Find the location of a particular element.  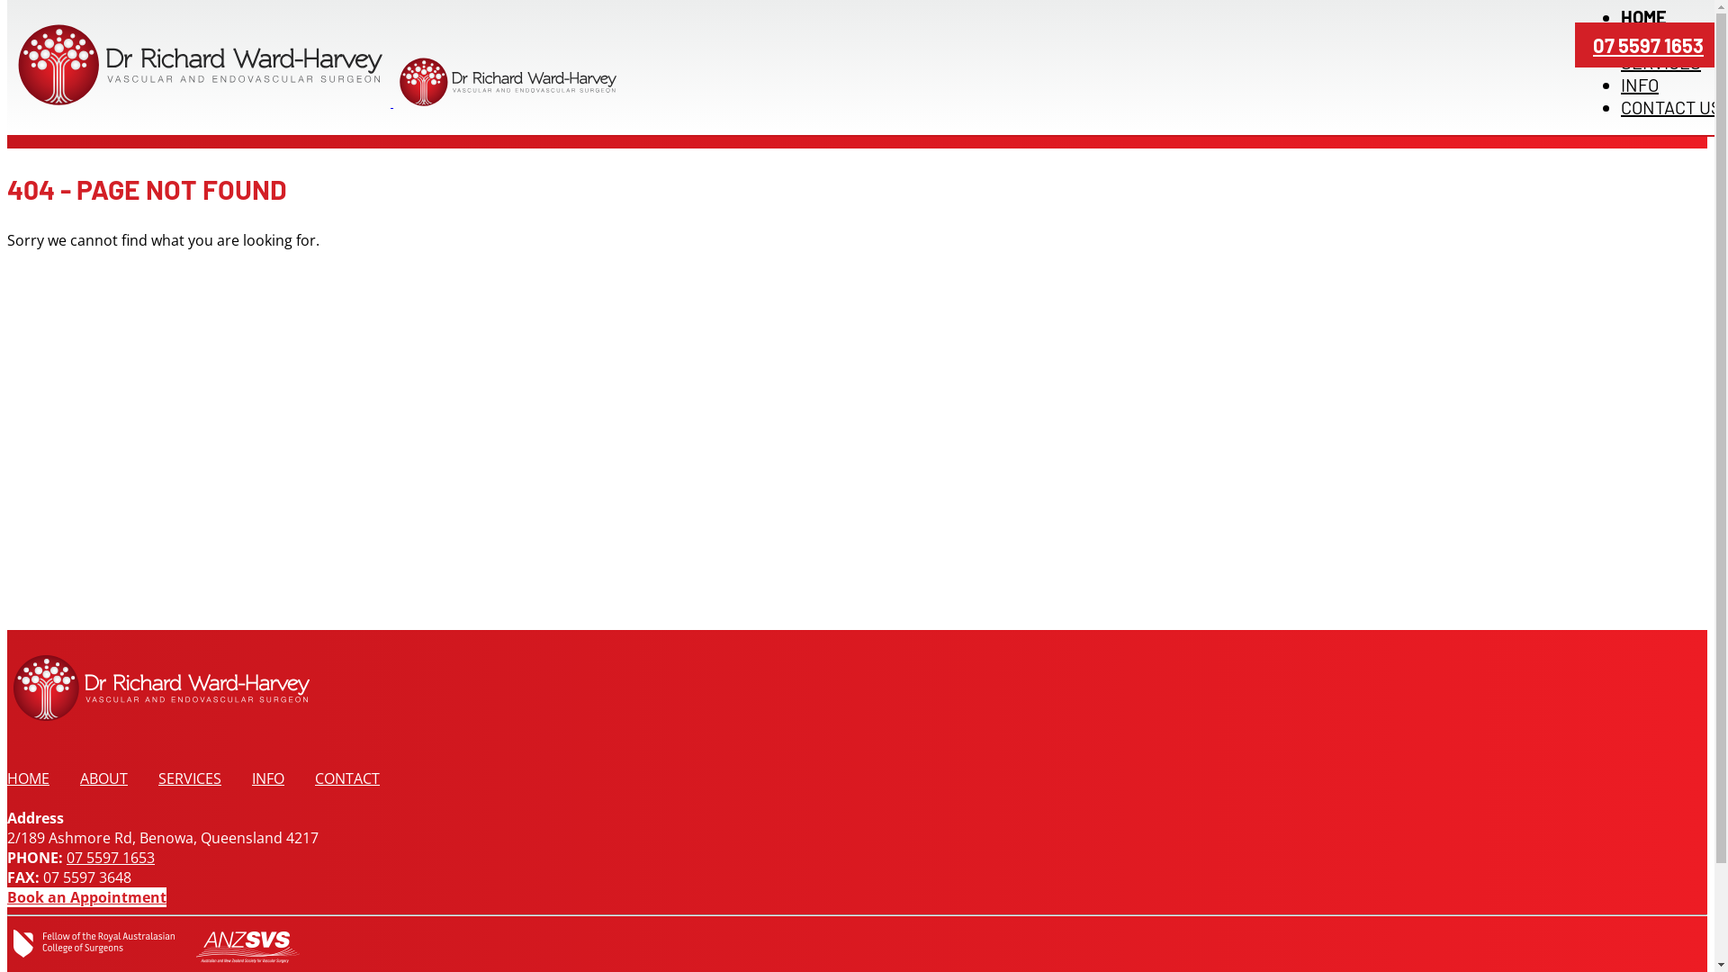

'CONTACT US' is located at coordinates (1670, 107).